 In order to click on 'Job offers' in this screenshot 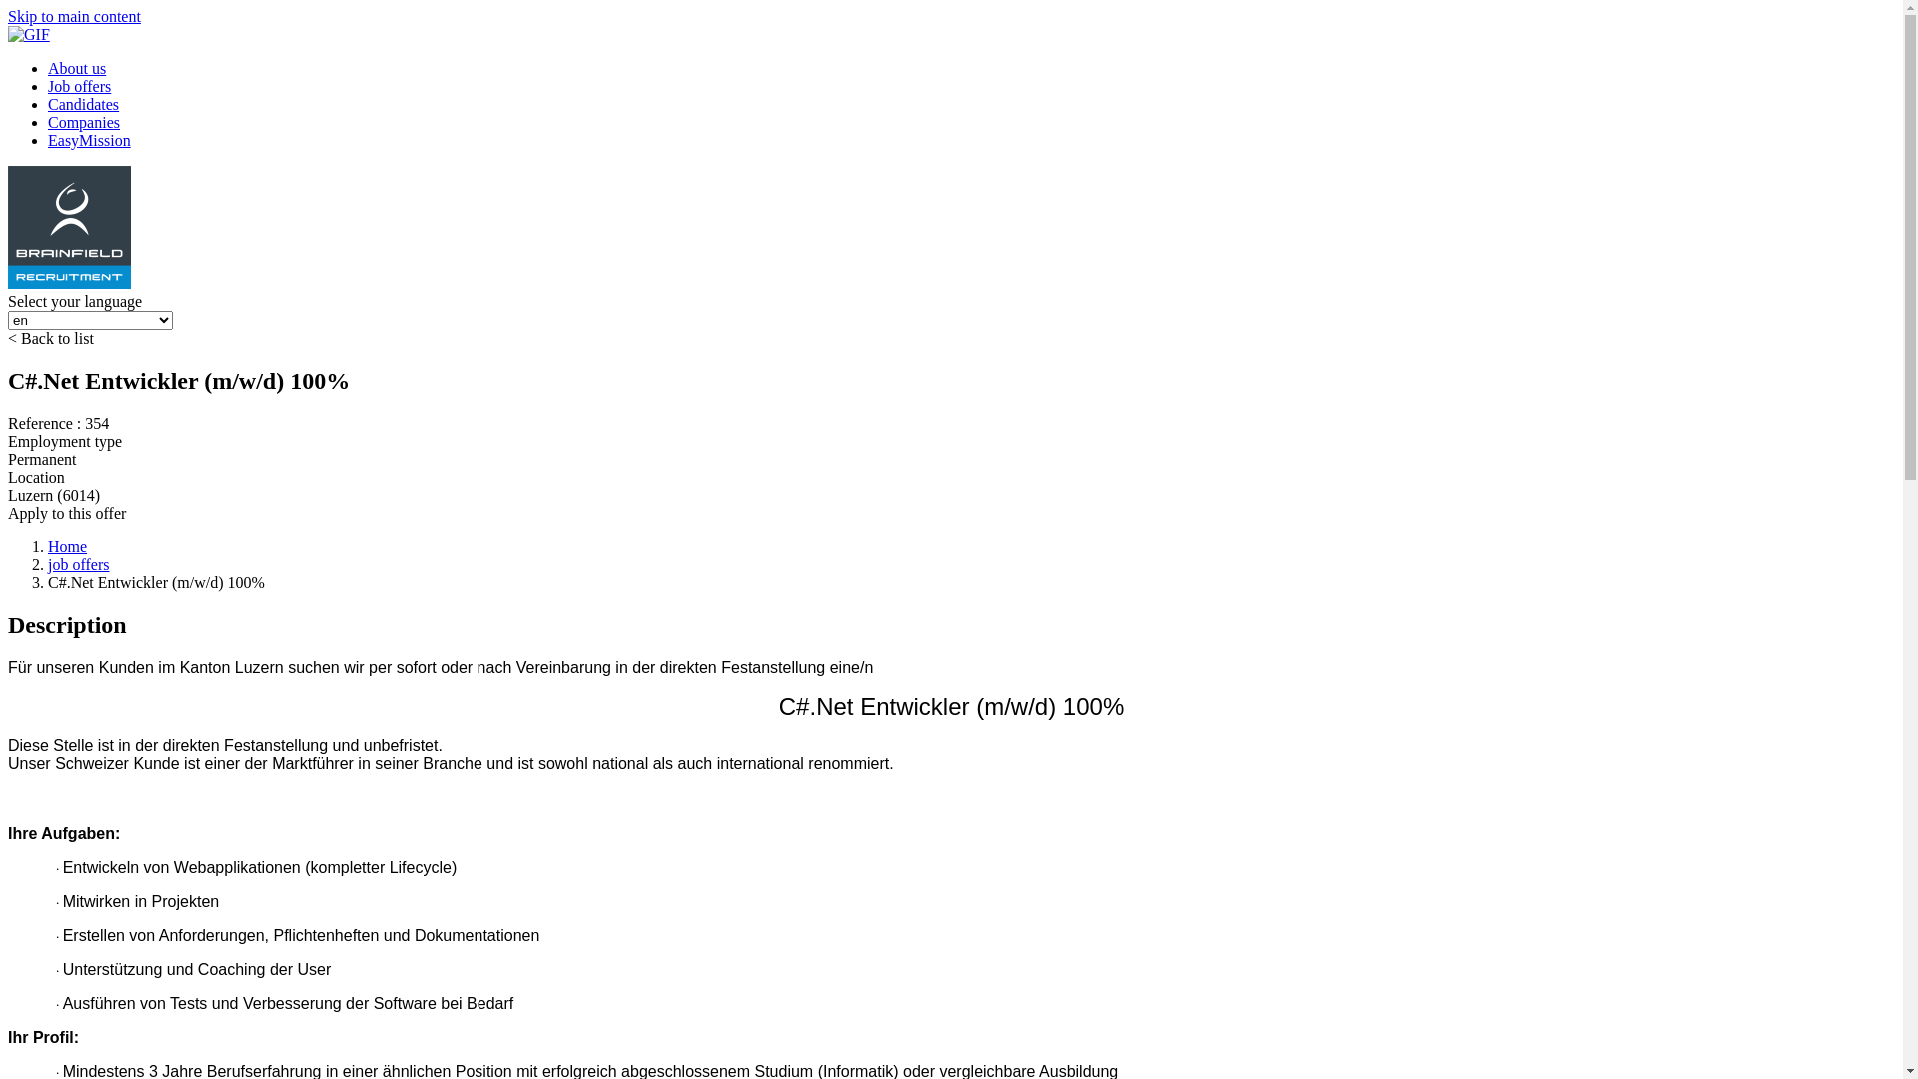, I will do `click(48, 85)`.